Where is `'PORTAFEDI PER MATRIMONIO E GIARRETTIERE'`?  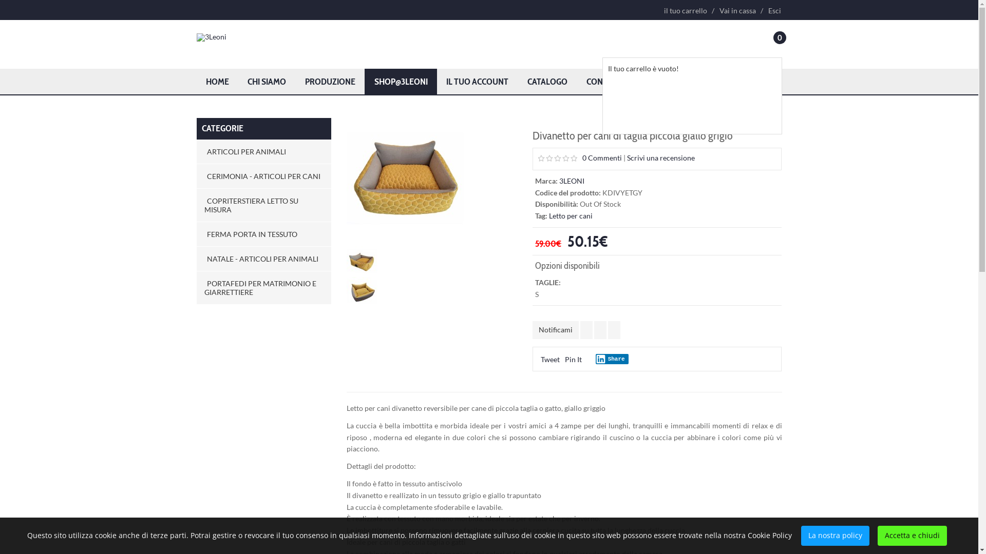 'PORTAFEDI PER MATRIMONIO E GIARRETTIERE' is located at coordinates (196, 287).